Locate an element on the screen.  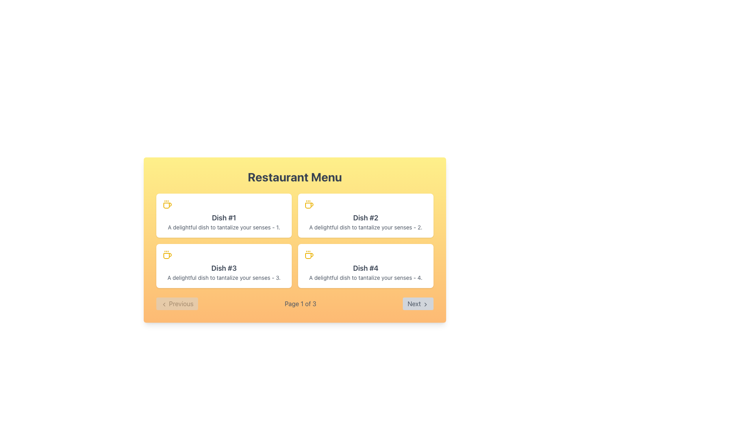
the decorative icon representing a coffee-related theme located at the top-left corner of the 'Dish #1' card in the grid layout is located at coordinates (167, 204).